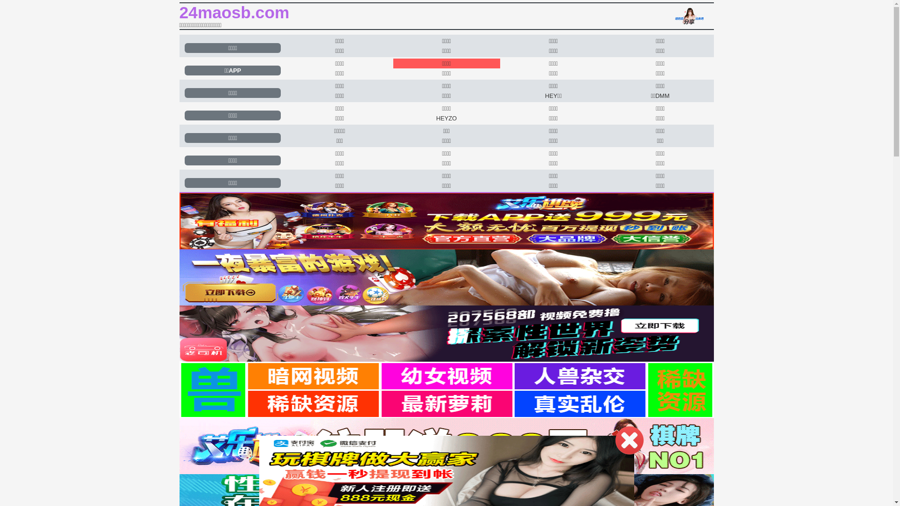 The width and height of the screenshot is (900, 506). What do you see at coordinates (446, 118) in the screenshot?
I see `'HEYZO'` at bounding box center [446, 118].